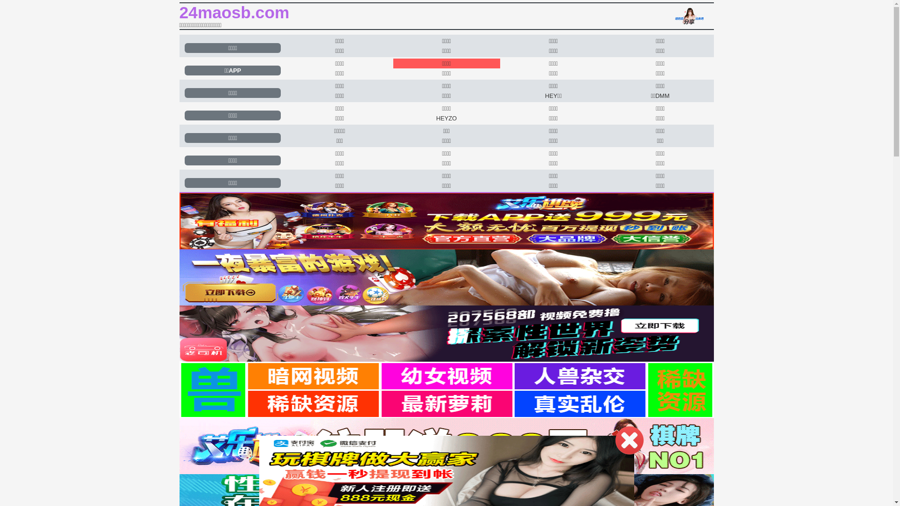 The width and height of the screenshot is (900, 506). What do you see at coordinates (446, 118) in the screenshot?
I see `'HEYZO'` at bounding box center [446, 118].